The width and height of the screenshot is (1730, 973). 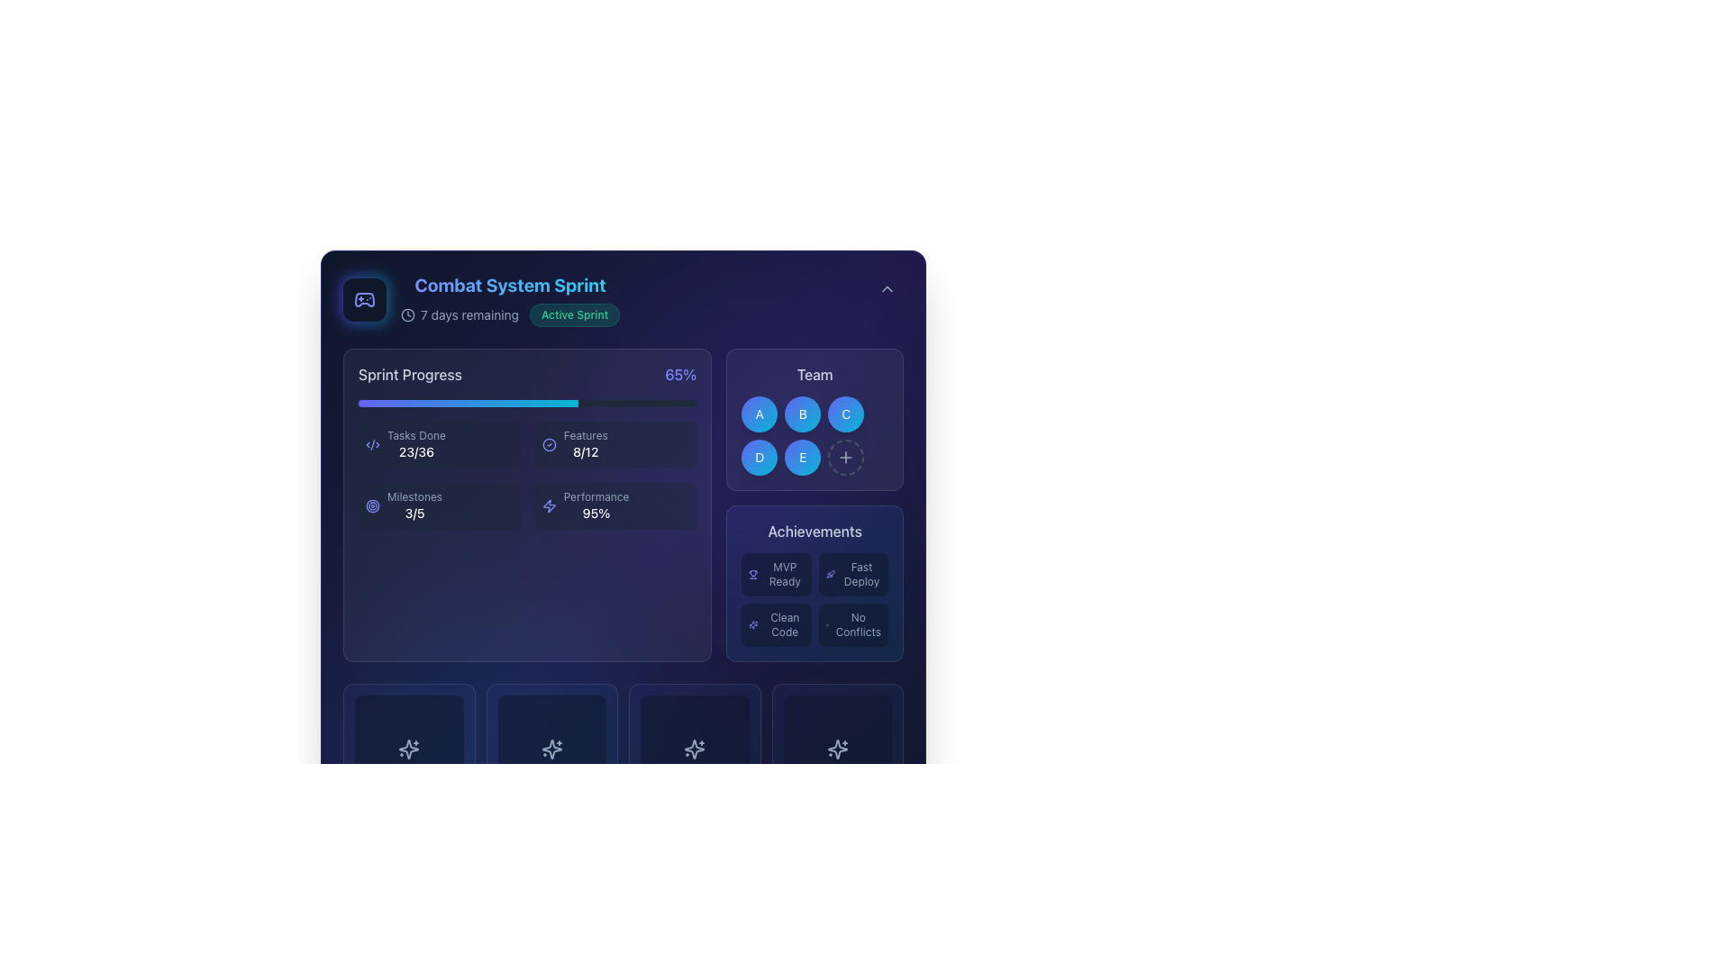 I want to click on the static text element that displays the remaining time for the current sprint, located just below the 'Combat System Sprint' header, so click(x=460, y=314).